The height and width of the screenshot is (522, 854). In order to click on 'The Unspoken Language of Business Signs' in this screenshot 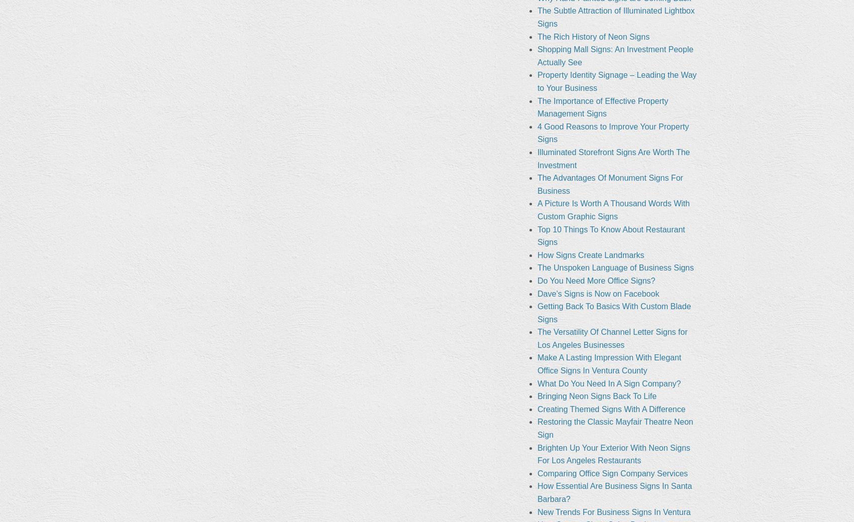, I will do `click(615, 267)`.